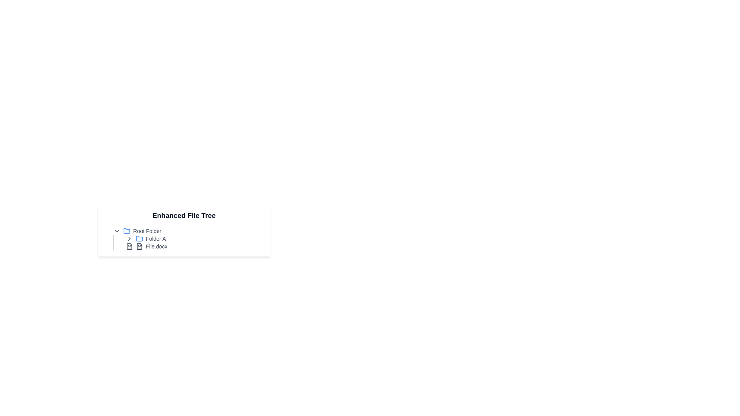  I want to click on the downward-facing chevron icon button located to the left of the folder icon and the text 'Root Folder', so click(116, 231).